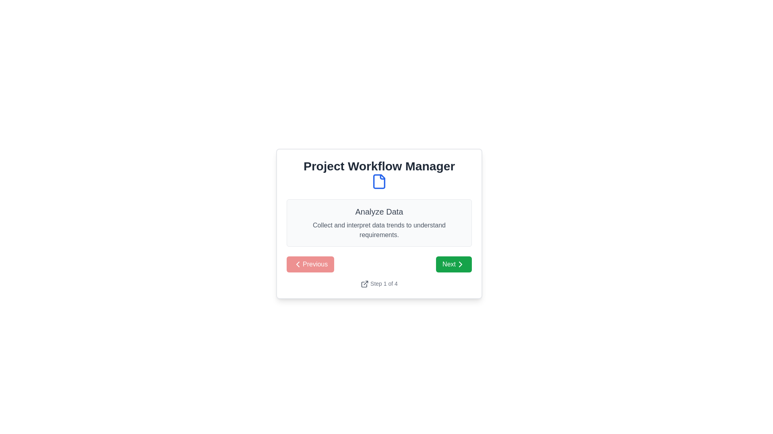  I want to click on the left-pointing chevron icon within the 'Previous' button, so click(297, 264).